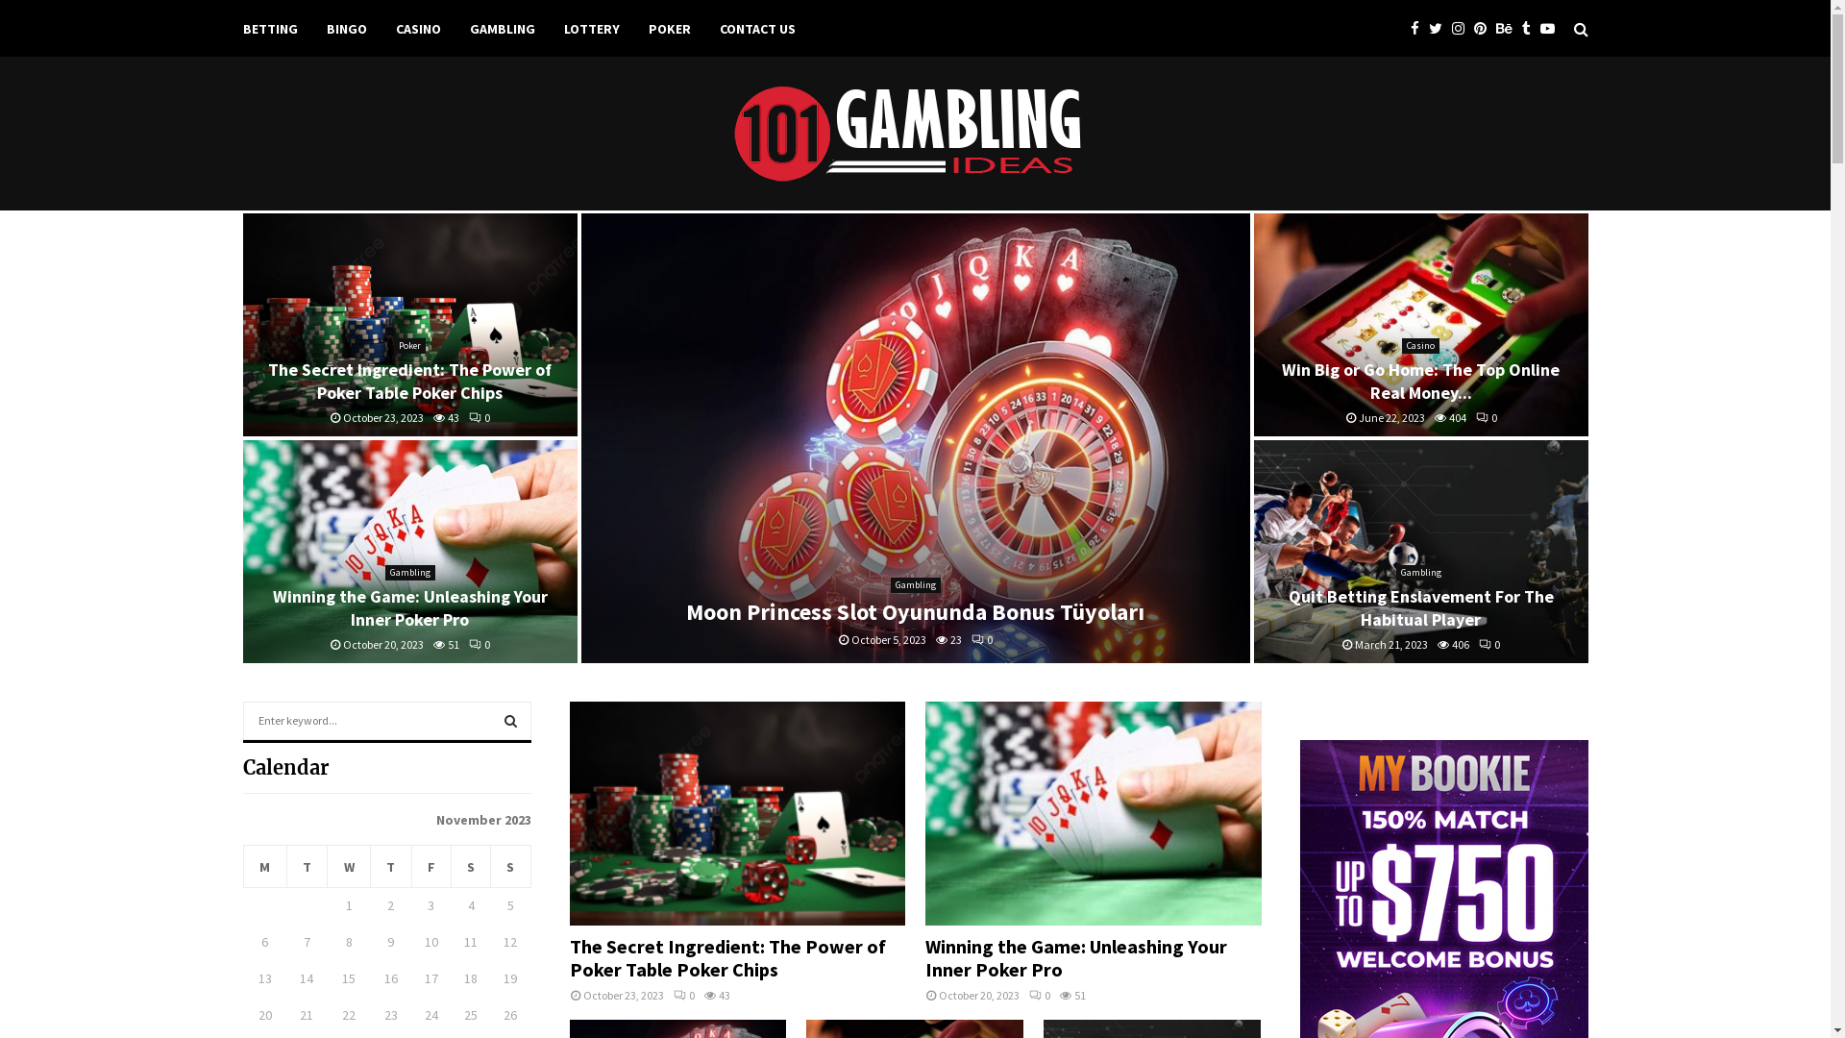 The image size is (1845, 1038). What do you see at coordinates (408, 344) in the screenshot?
I see `'Poker'` at bounding box center [408, 344].